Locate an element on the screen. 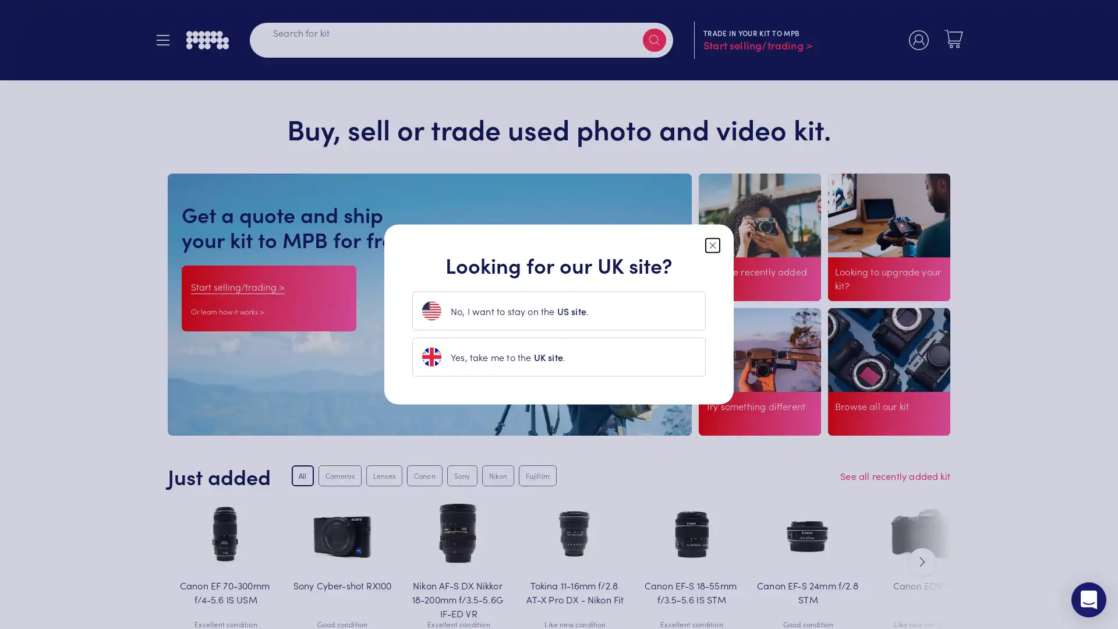 Image resolution: width=1118 pixels, height=629 pixels. Or learn how it works > is located at coordinates (227, 310).